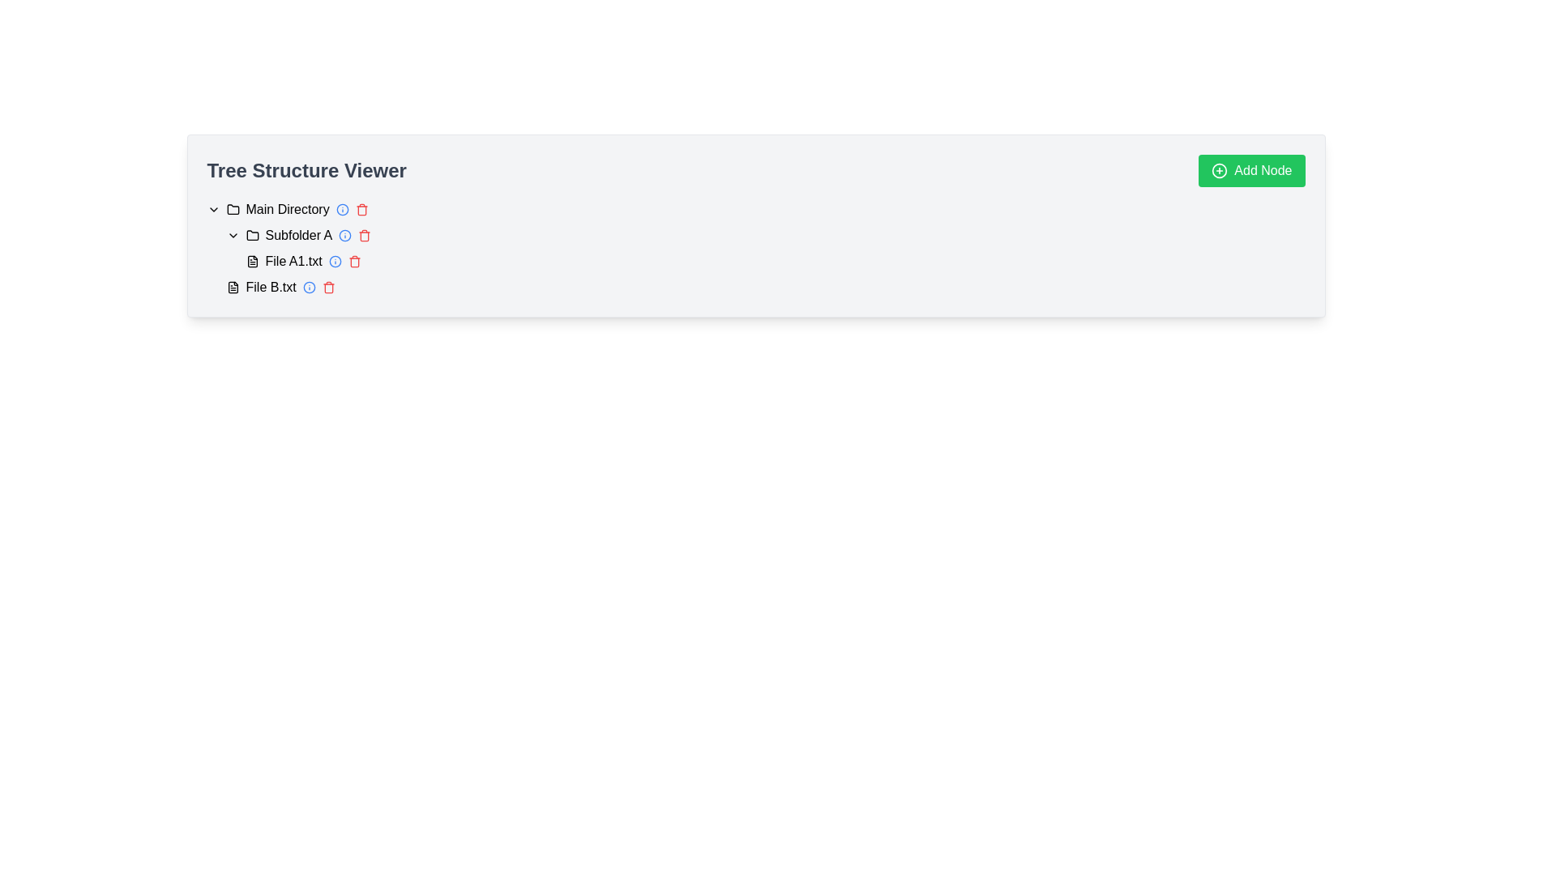 This screenshot has height=875, width=1556. What do you see at coordinates (341, 208) in the screenshot?
I see `the SVG circle element that serves as an informational icon adjacent to the text 'Subfolder A' in the tree structure viewer` at bounding box center [341, 208].